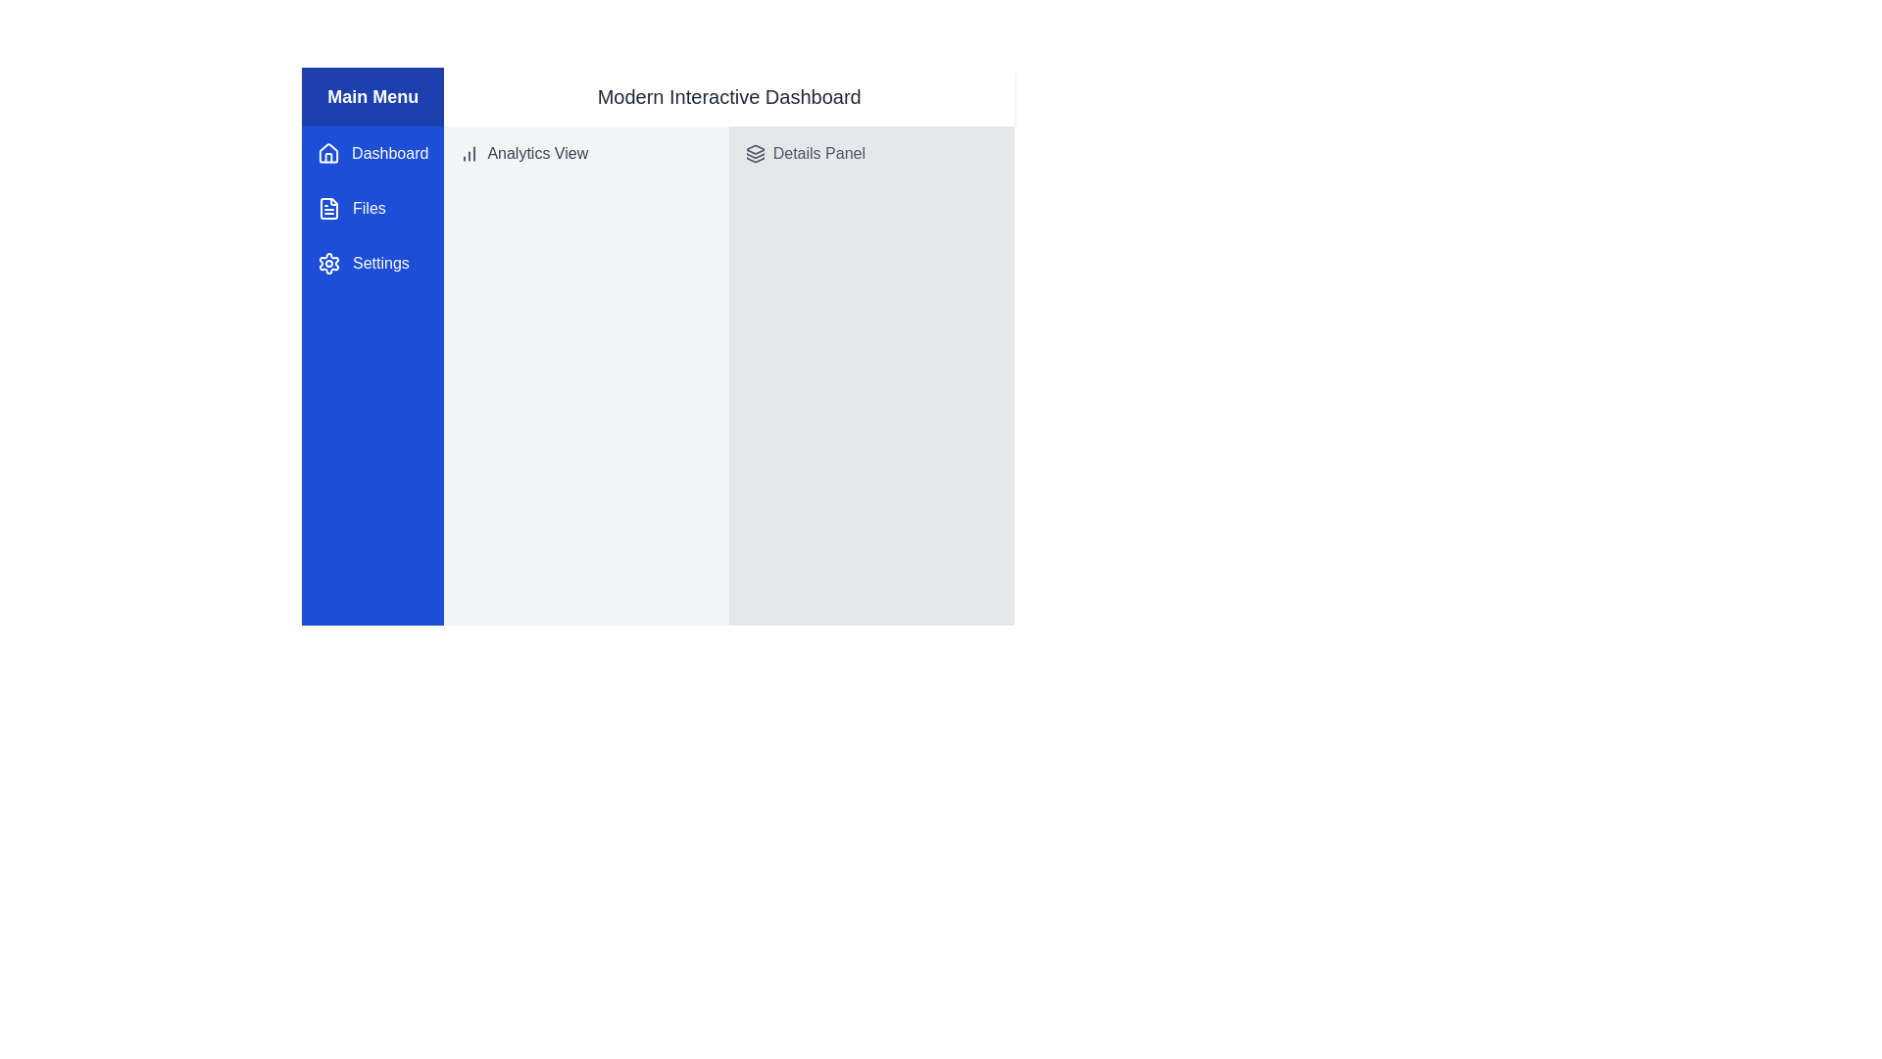 Image resolution: width=1882 pixels, height=1059 pixels. Describe the element at coordinates (372, 153) in the screenshot. I see `the 'Dashboard' button in the vertical navigation menu on the left side` at that location.